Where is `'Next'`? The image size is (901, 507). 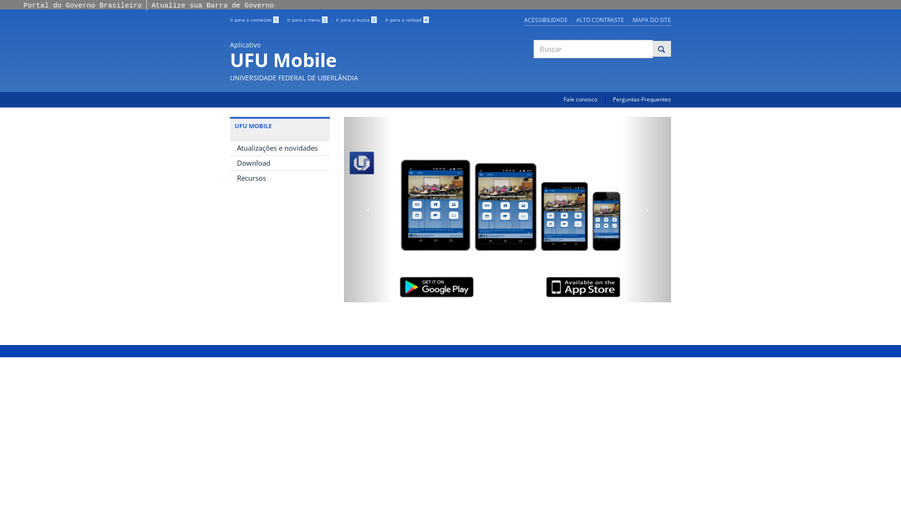 'Next' is located at coordinates (646, 209).